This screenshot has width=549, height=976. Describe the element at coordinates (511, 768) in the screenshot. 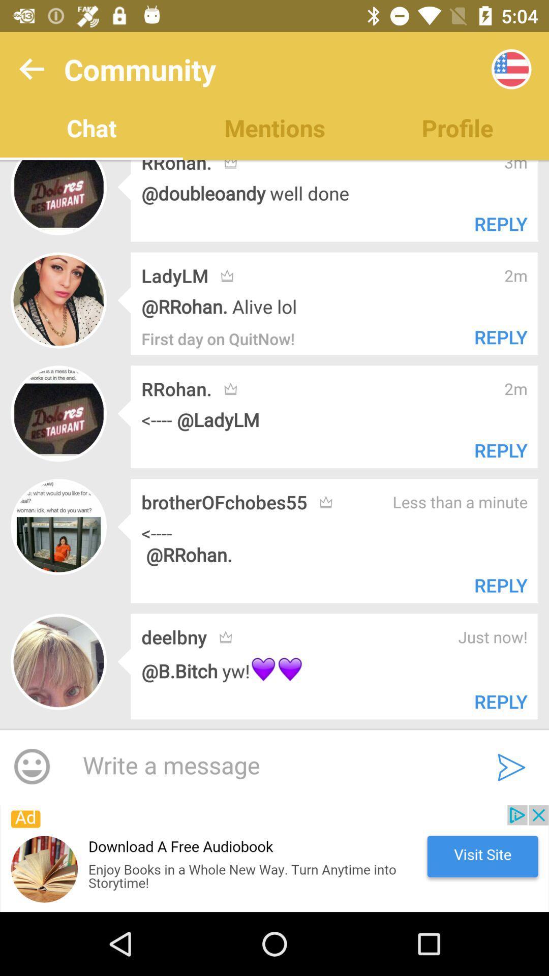

I see `the send icon` at that location.